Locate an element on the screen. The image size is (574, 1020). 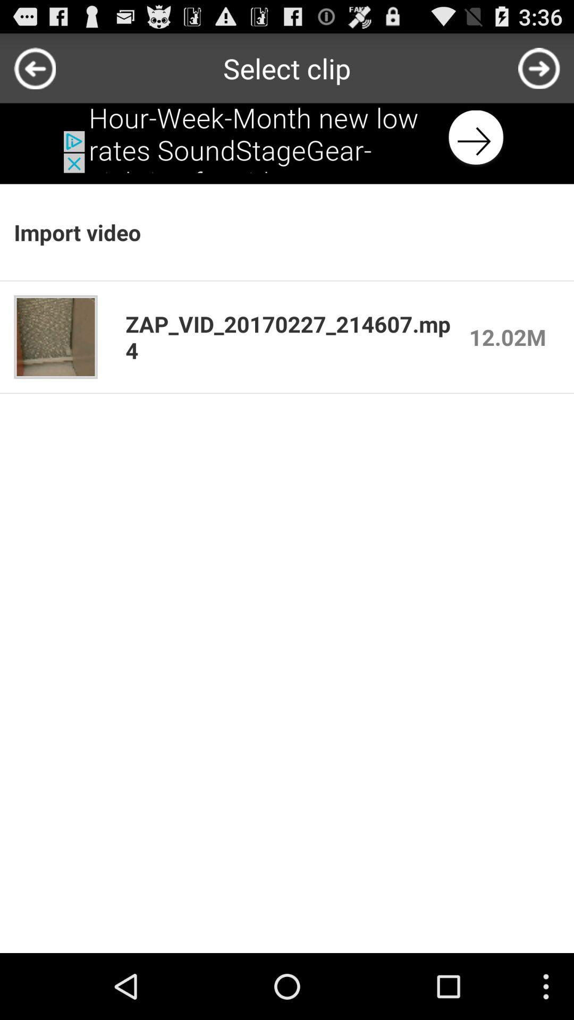
the arrow_backward icon is located at coordinates (34, 72).